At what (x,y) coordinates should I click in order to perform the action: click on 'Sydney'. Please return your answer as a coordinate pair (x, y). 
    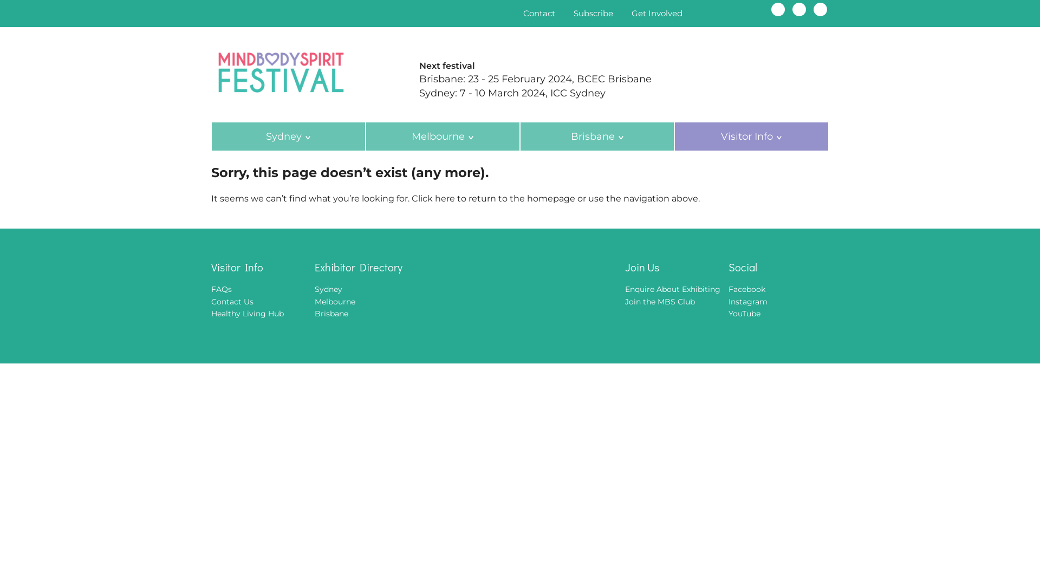
    Looking at the image, I should click on (288, 135).